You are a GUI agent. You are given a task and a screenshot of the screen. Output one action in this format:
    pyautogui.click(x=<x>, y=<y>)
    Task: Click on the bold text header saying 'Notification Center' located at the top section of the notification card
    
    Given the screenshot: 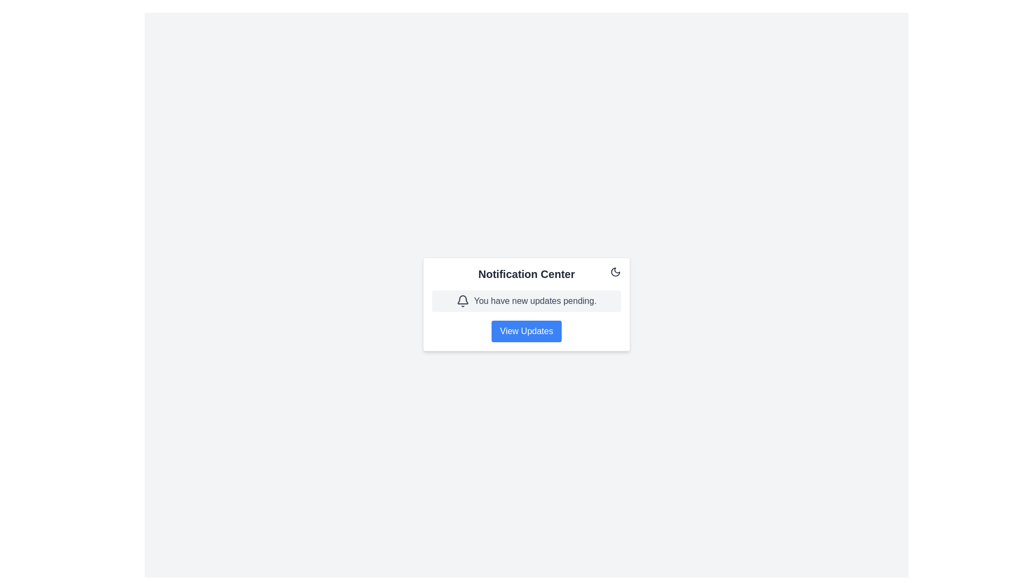 What is the action you would take?
    pyautogui.click(x=526, y=273)
    